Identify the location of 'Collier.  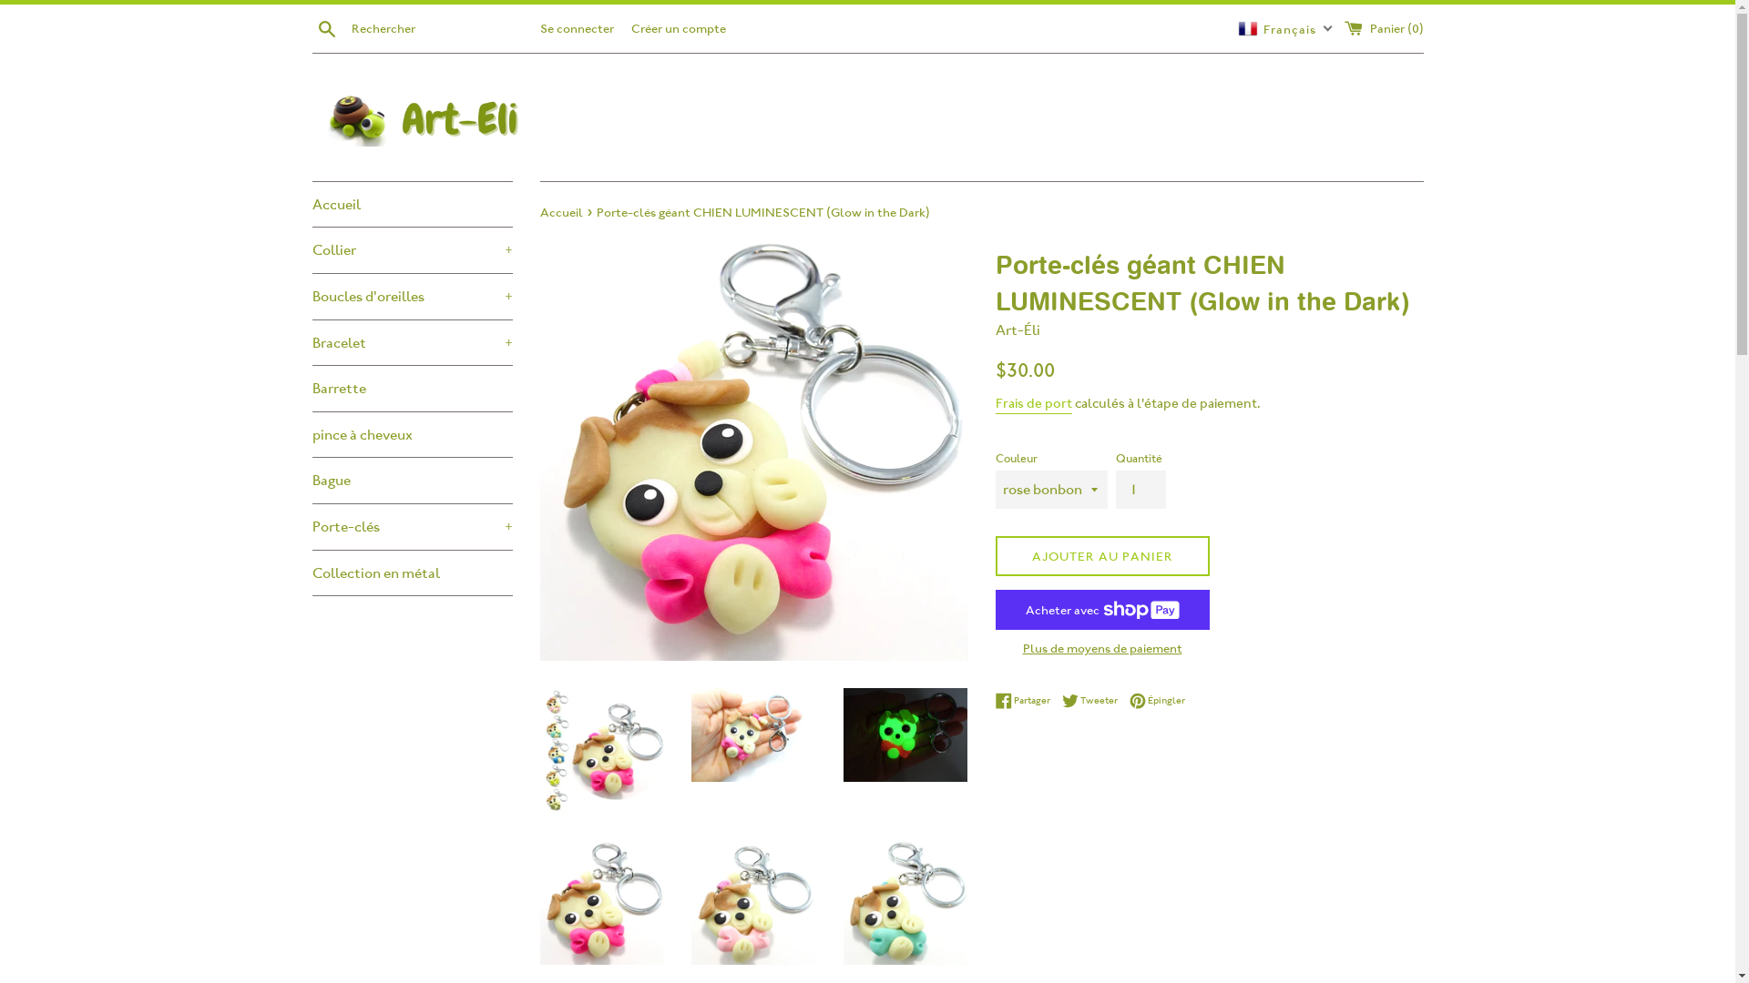
(410, 249).